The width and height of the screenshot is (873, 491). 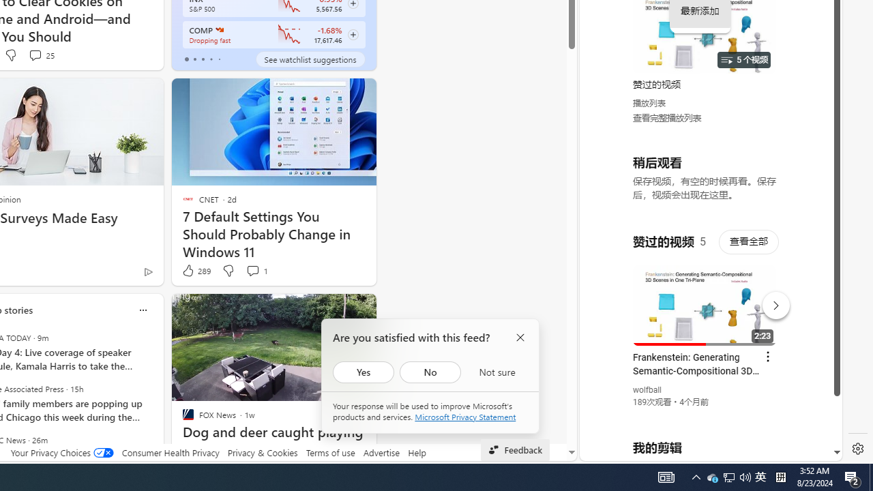 I want to click on 'tab-3', so click(x=210, y=59).